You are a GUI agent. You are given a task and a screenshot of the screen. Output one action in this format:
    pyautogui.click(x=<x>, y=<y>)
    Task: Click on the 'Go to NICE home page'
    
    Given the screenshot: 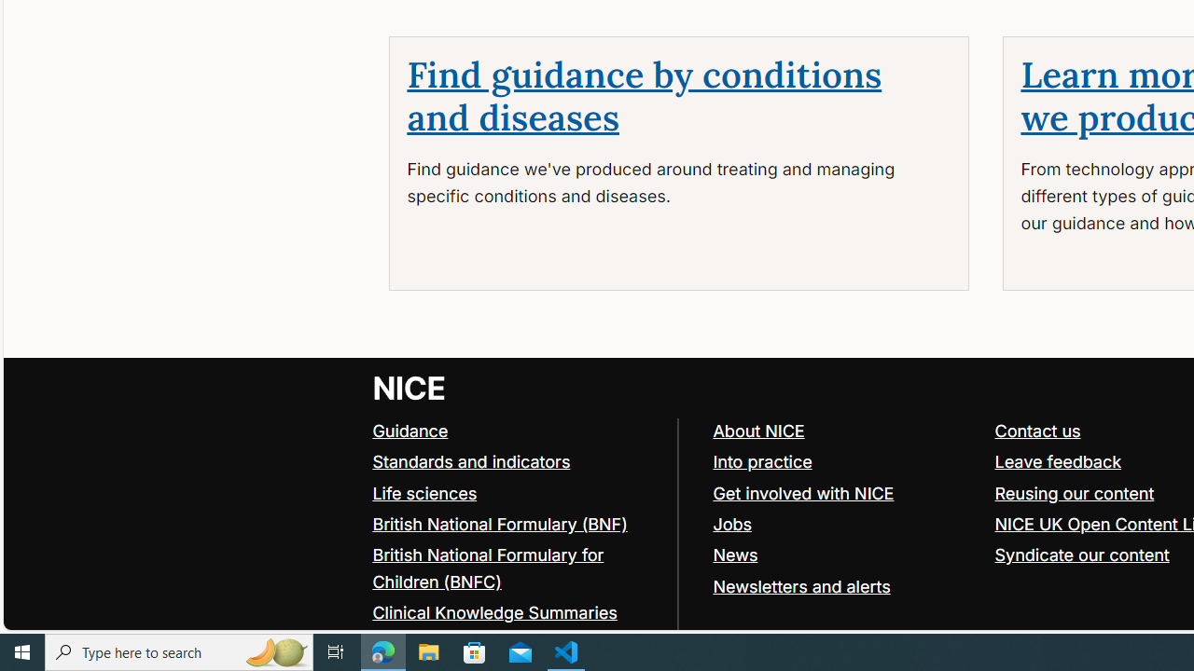 What is the action you would take?
    pyautogui.click(x=409, y=387)
    